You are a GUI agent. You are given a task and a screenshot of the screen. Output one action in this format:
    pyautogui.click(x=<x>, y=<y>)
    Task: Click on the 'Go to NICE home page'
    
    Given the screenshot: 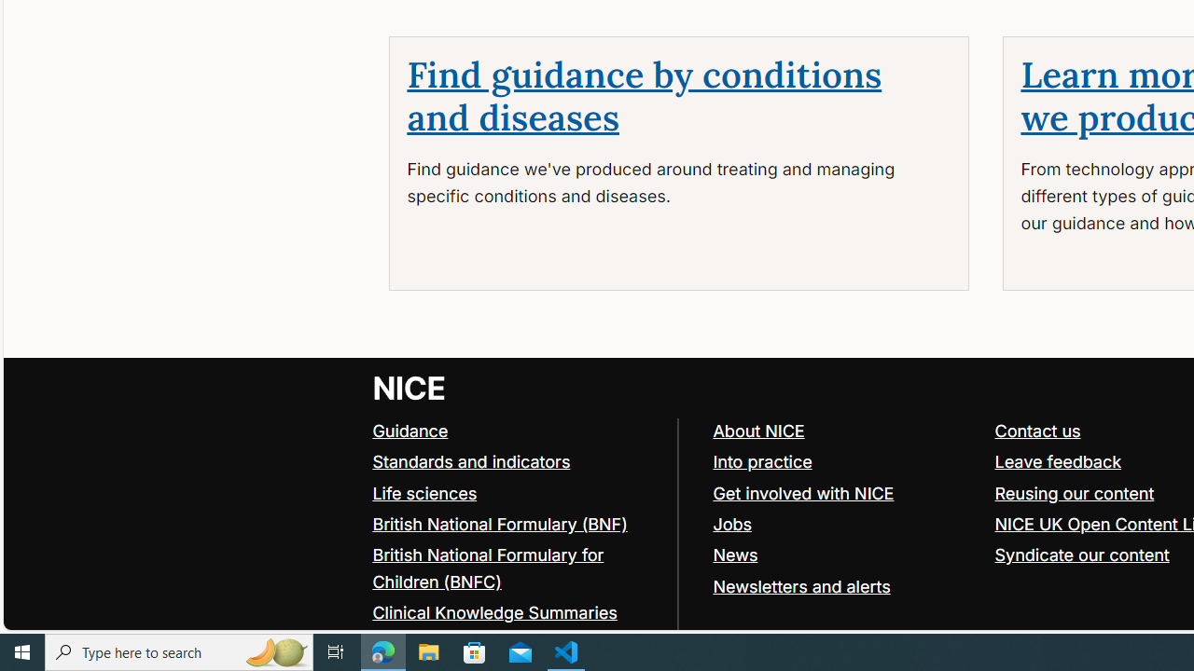 What is the action you would take?
    pyautogui.click(x=409, y=387)
    